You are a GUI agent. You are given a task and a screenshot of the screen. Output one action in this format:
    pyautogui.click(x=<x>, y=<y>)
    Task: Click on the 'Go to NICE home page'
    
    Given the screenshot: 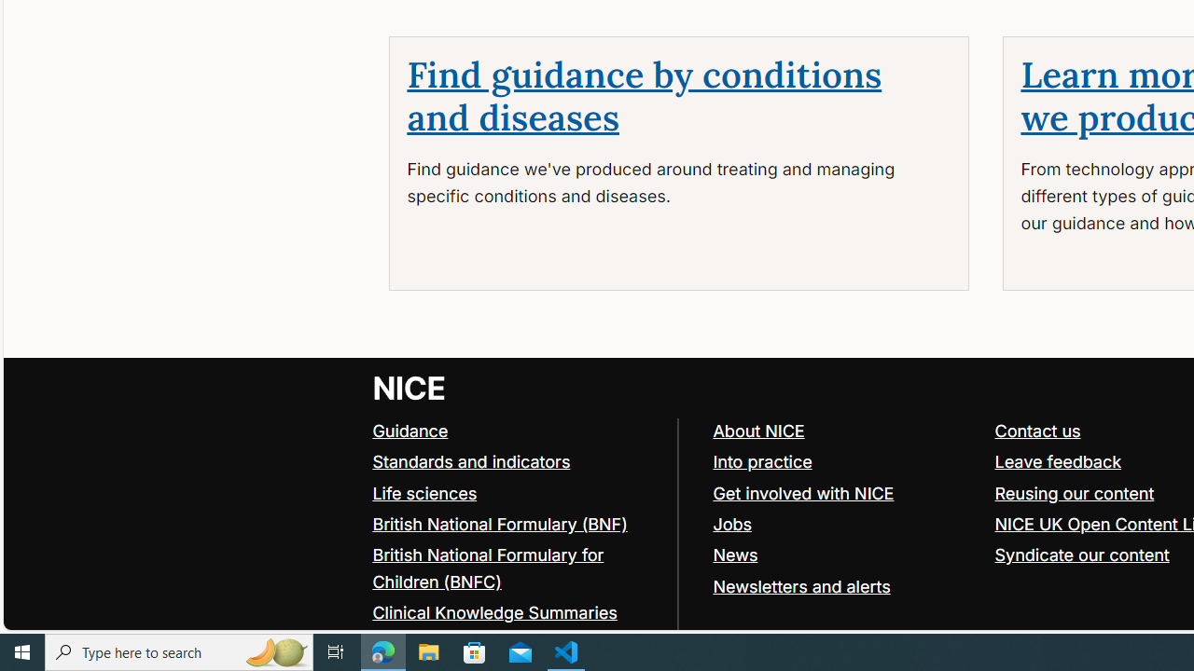 What is the action you would take?
    pyautogui.click(x=409, y=387)
    